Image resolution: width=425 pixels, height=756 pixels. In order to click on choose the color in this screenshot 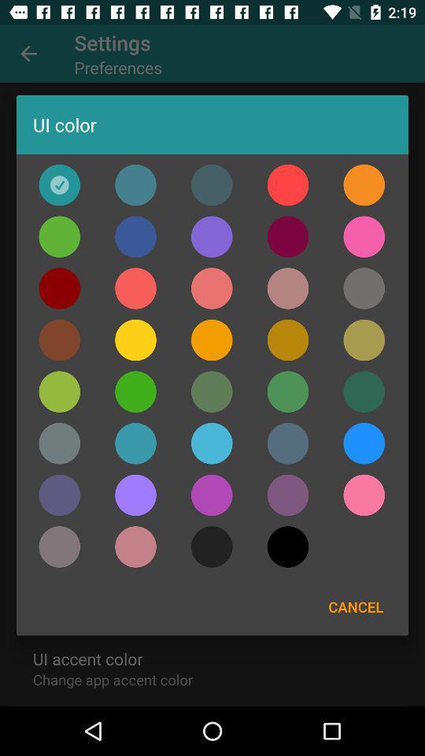, I will do `click(364, 340)`.